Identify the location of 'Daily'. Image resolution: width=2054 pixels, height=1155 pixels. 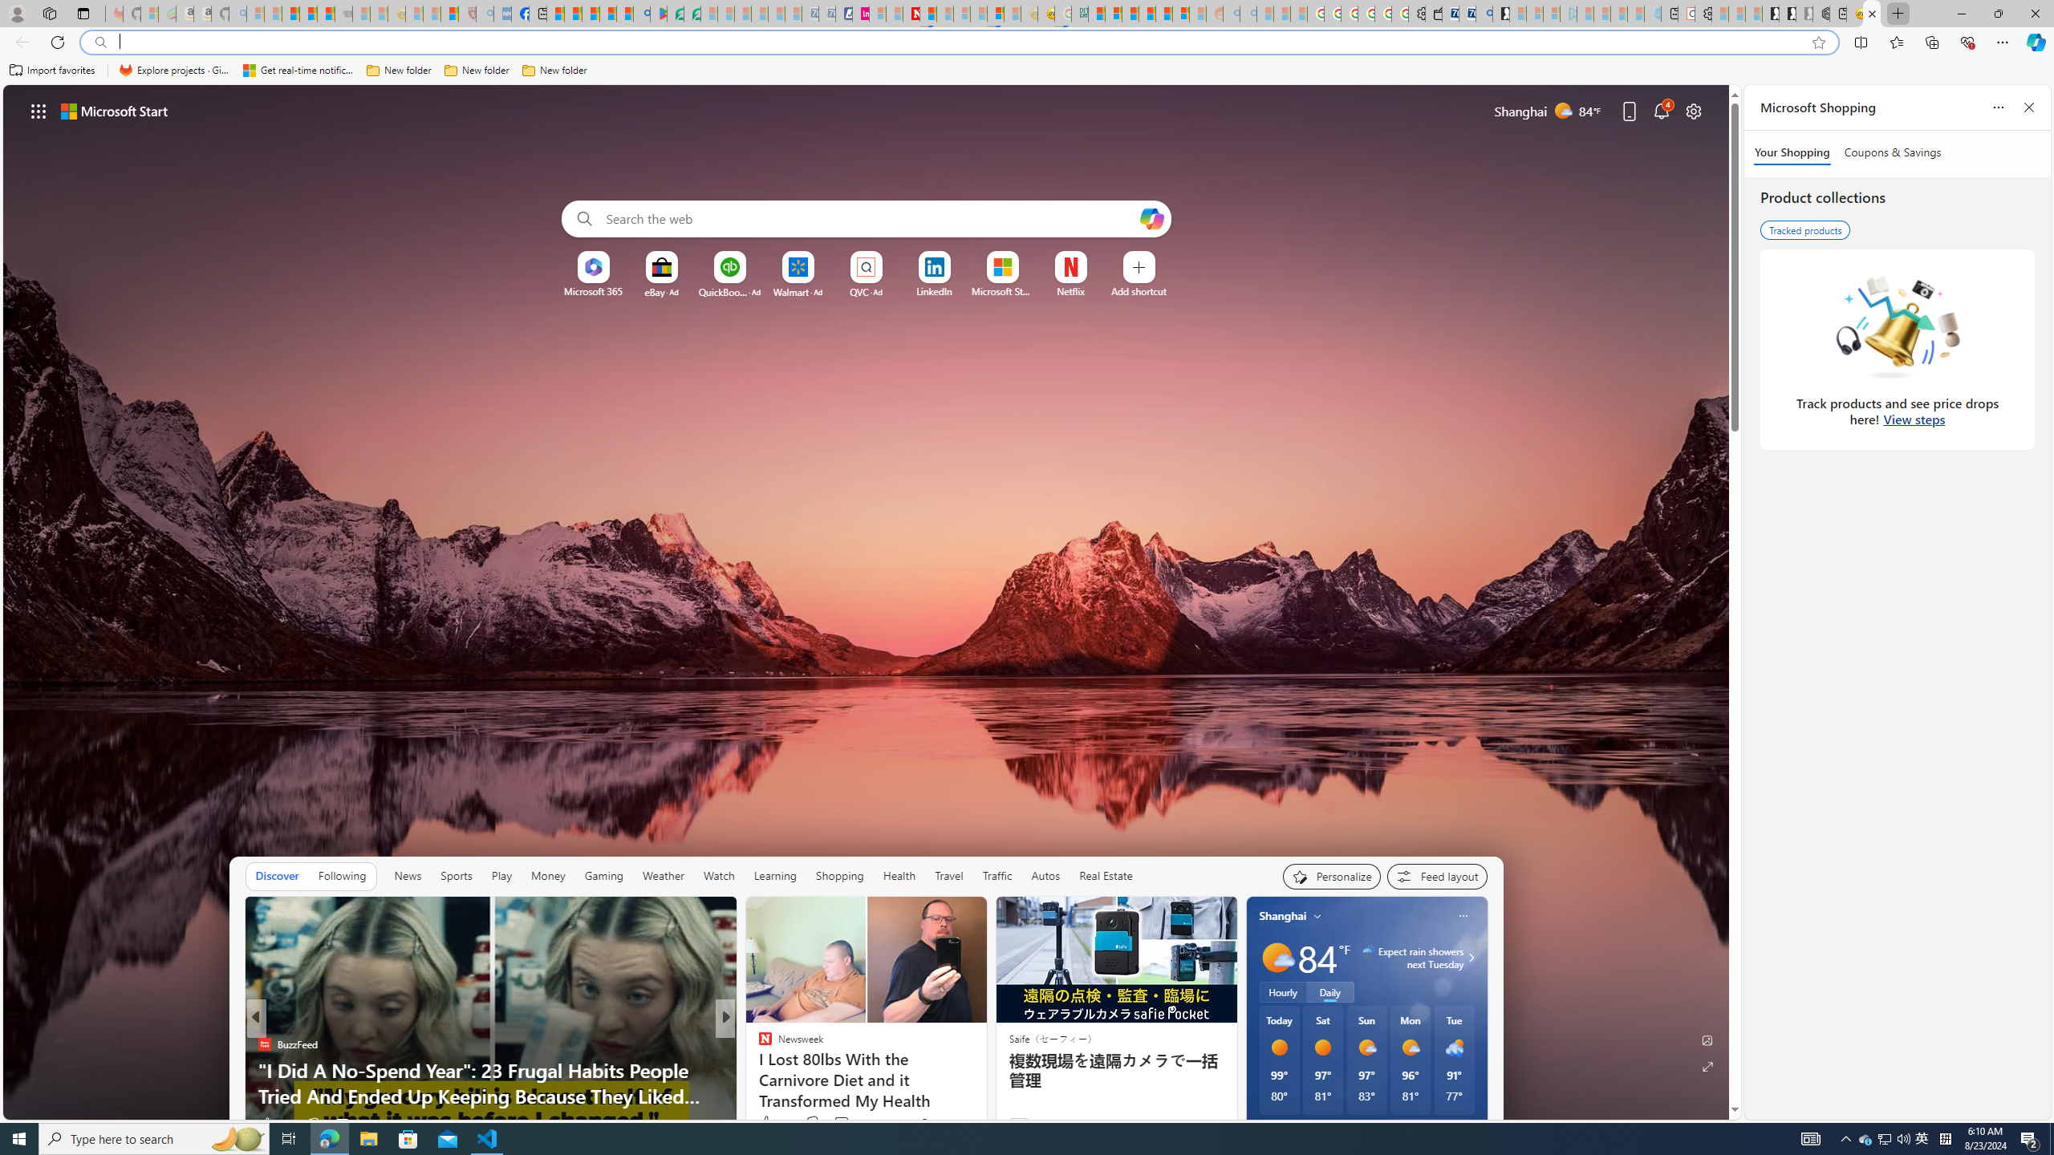
(1329, 991).